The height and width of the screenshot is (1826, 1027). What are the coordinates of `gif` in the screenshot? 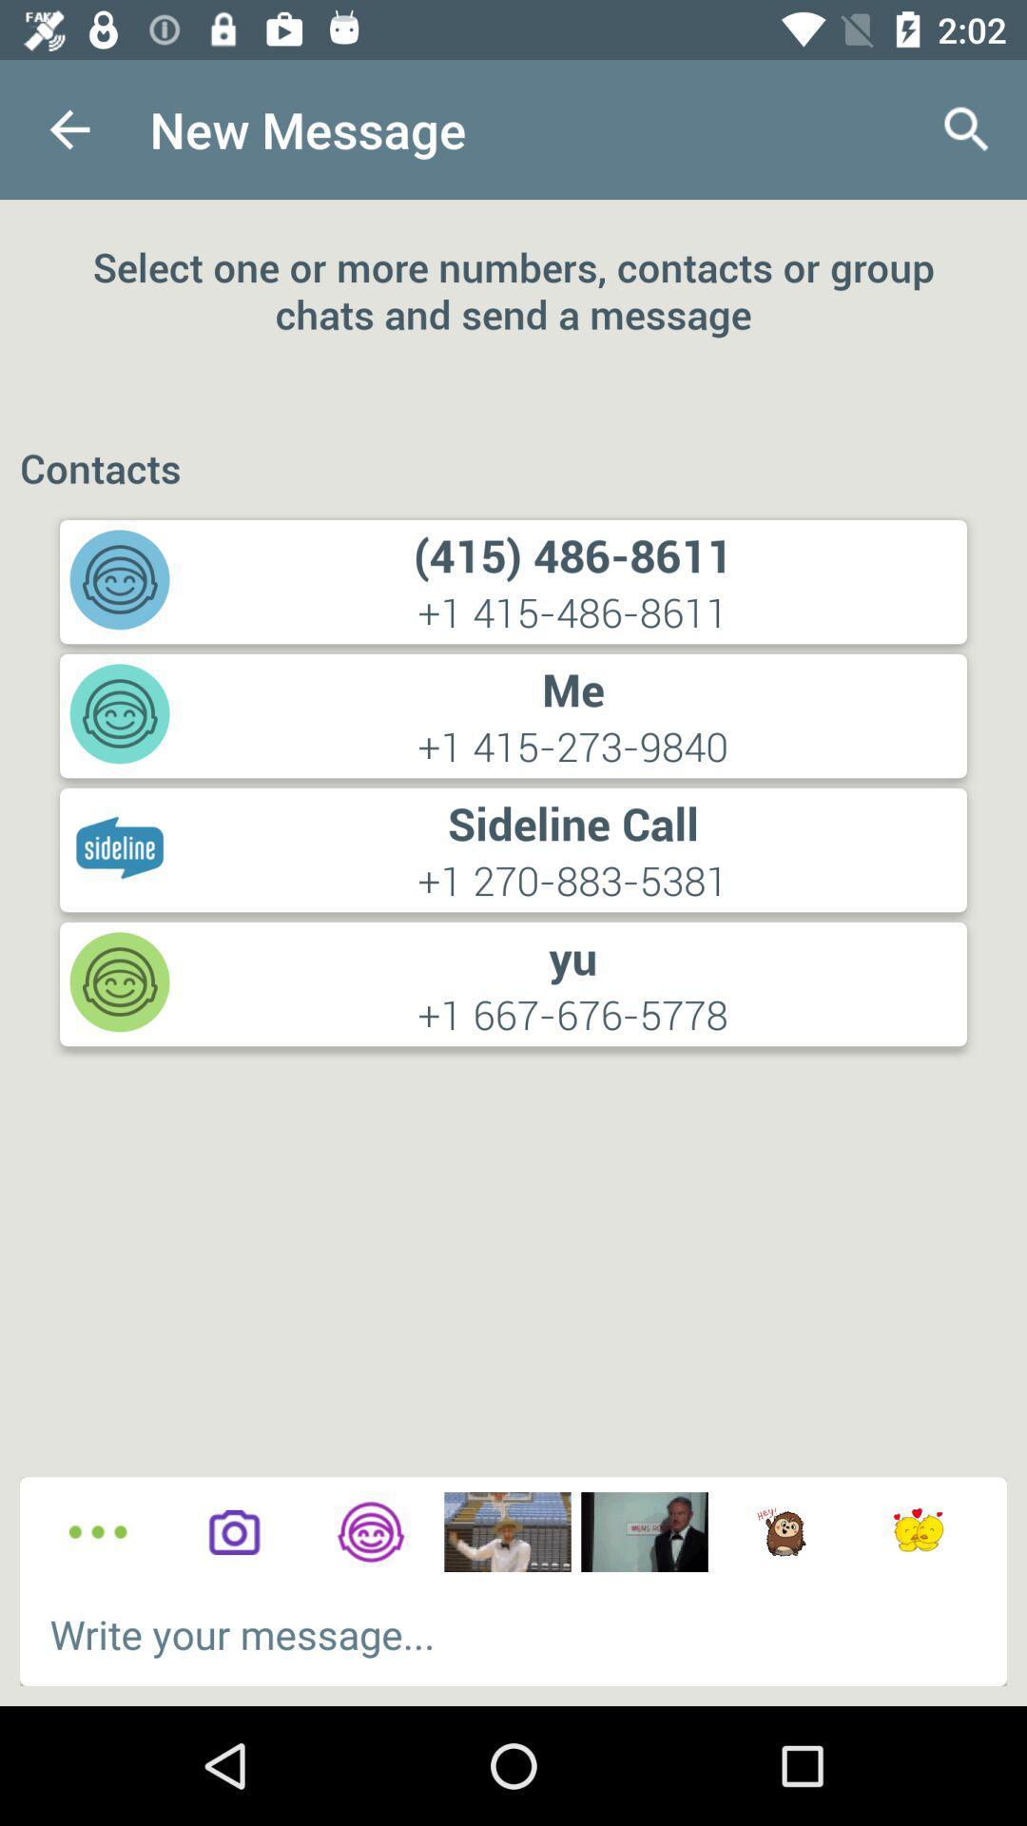 It's located at (917, 1532).